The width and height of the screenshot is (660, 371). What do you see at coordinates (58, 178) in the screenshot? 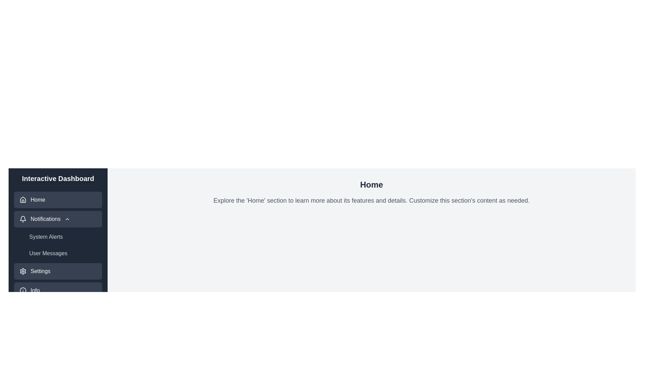
I see `the title or header text label in the navigation panel located at the topmost position above the 'Home' option` at bounding box center [58, 178].